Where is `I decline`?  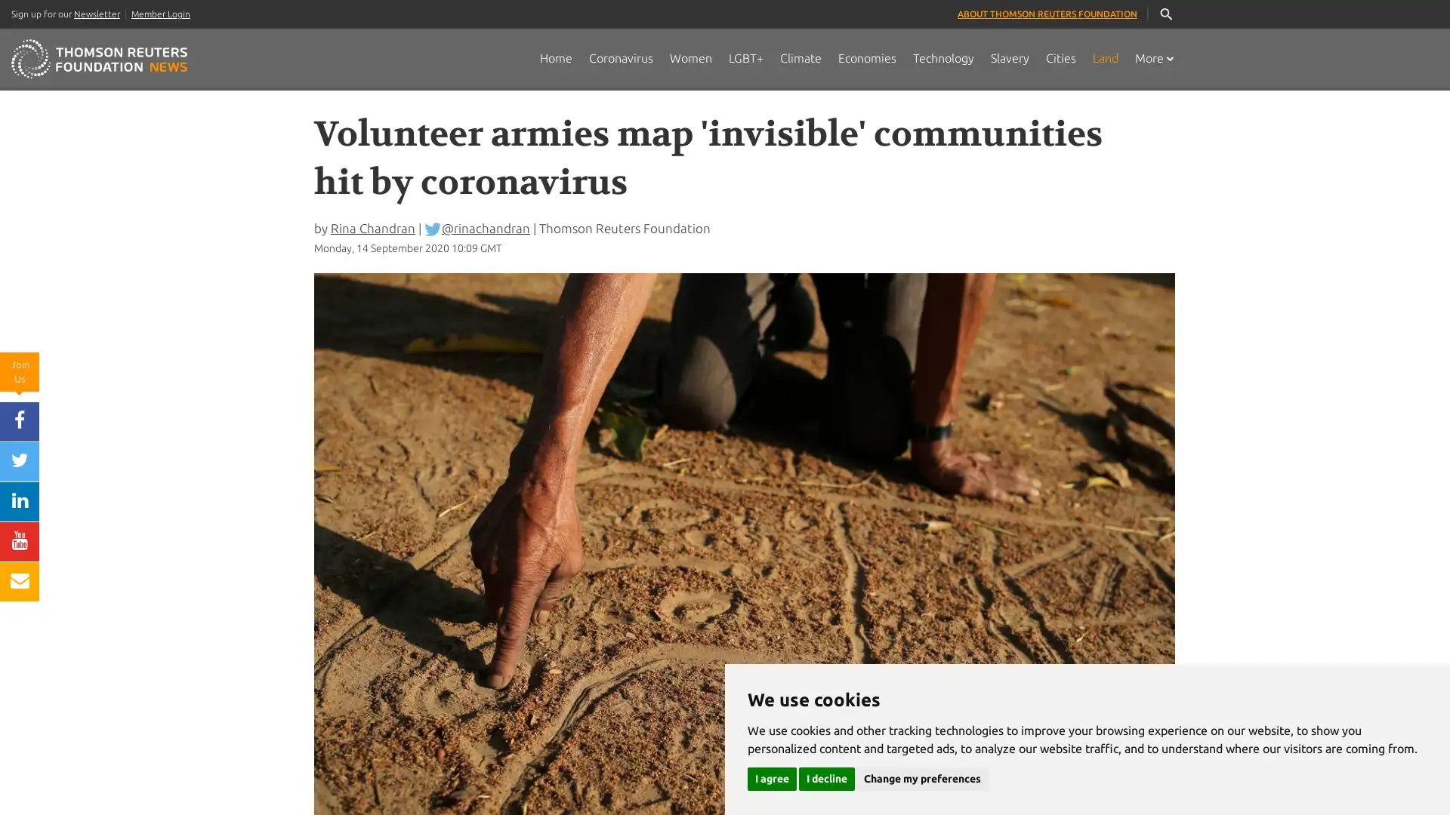
I decline is located at coordinates (825, 778).